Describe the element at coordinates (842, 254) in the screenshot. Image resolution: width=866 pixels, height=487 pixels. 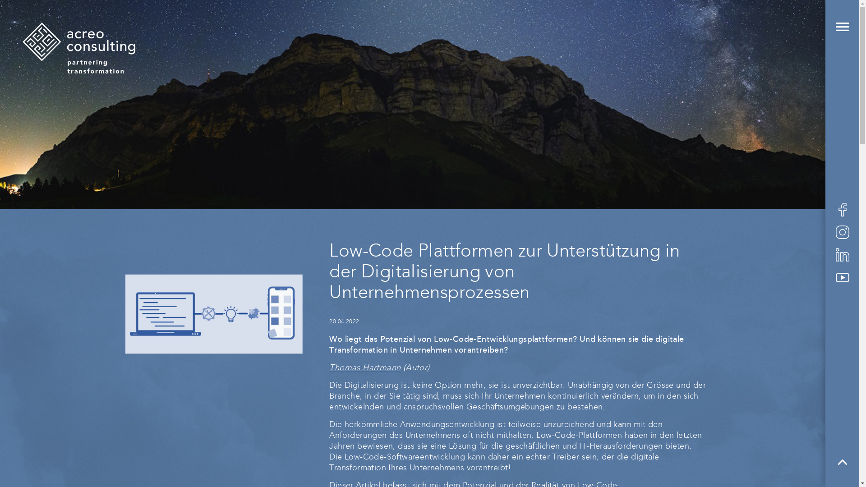
I see `'acreo consulting bei LinkedIn'` at that location.